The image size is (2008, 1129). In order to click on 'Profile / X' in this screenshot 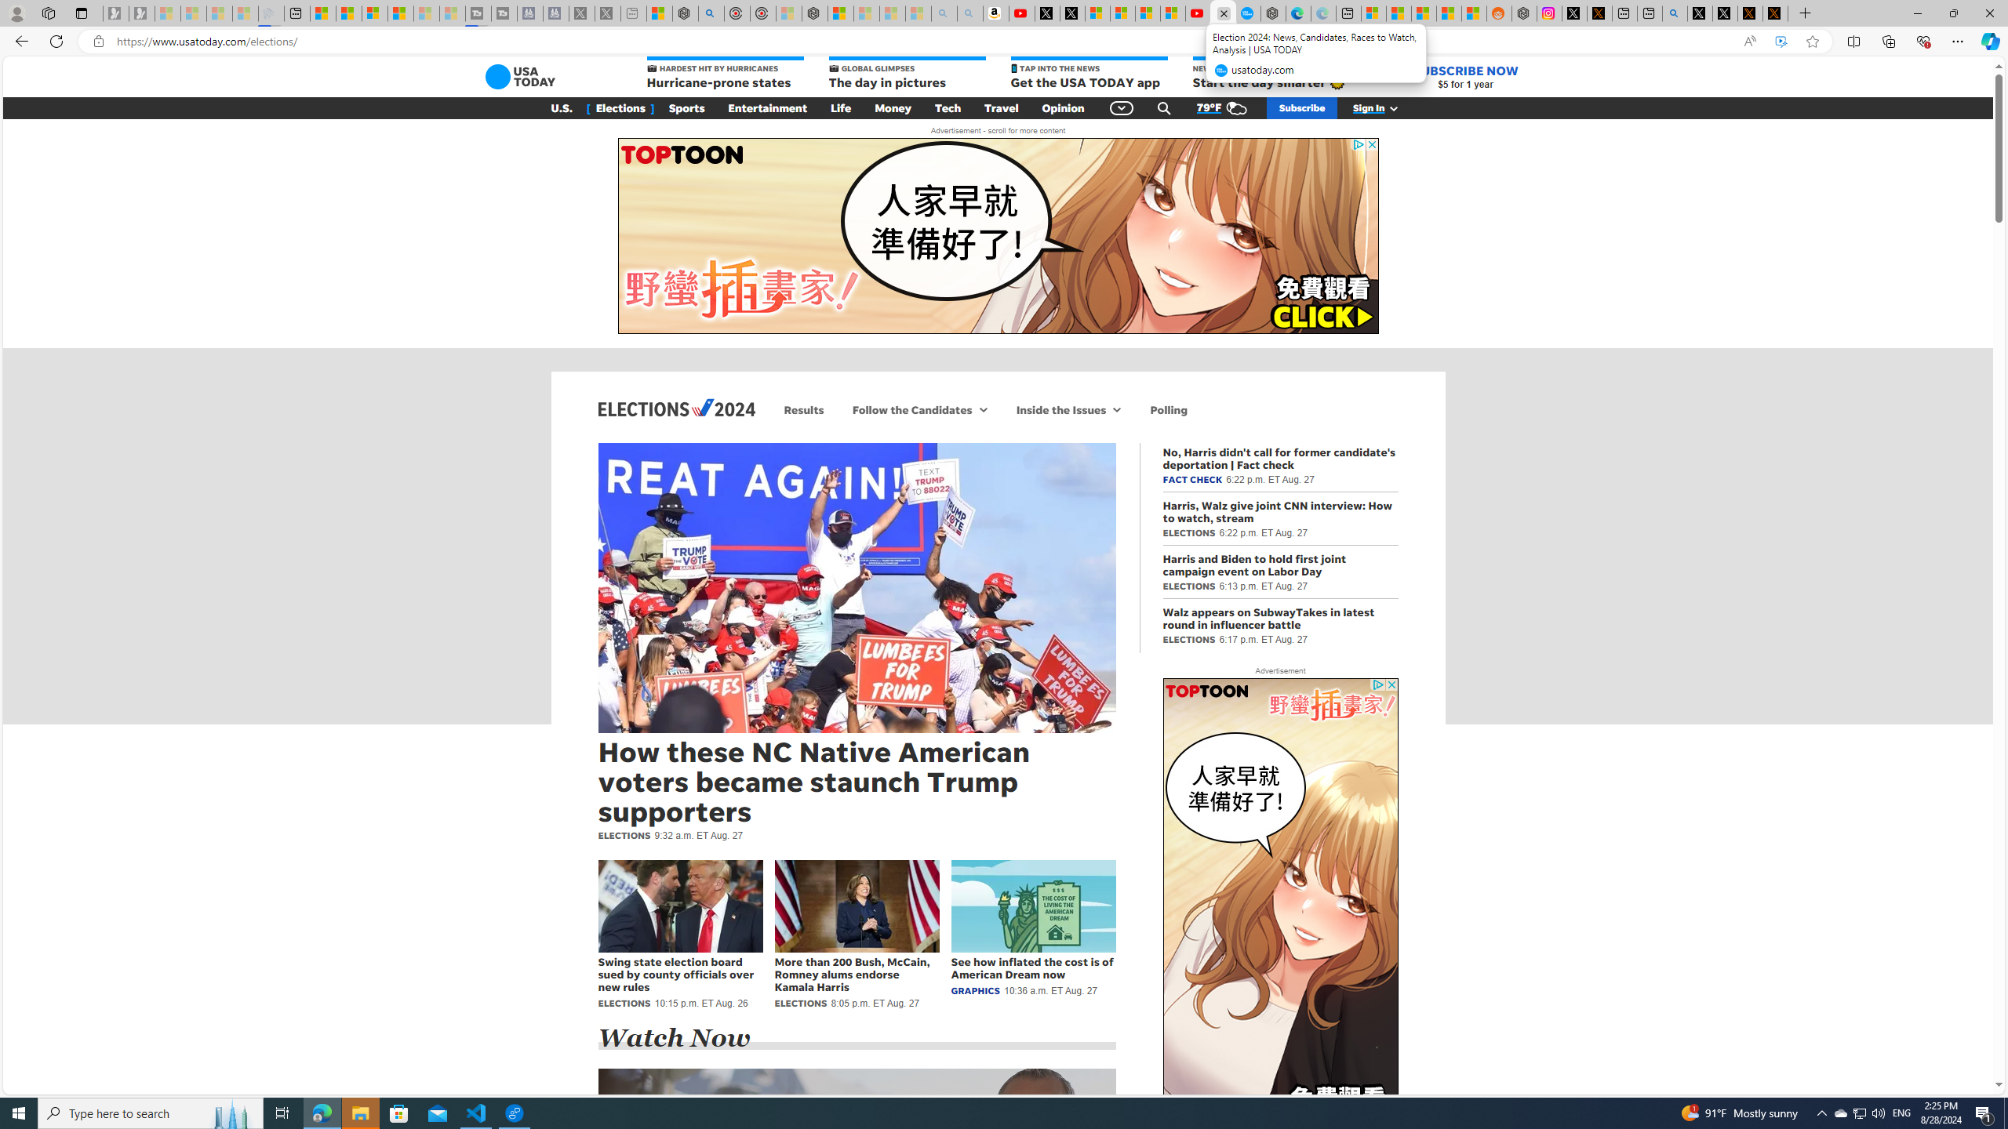, I will do `click(1699, 13)`.